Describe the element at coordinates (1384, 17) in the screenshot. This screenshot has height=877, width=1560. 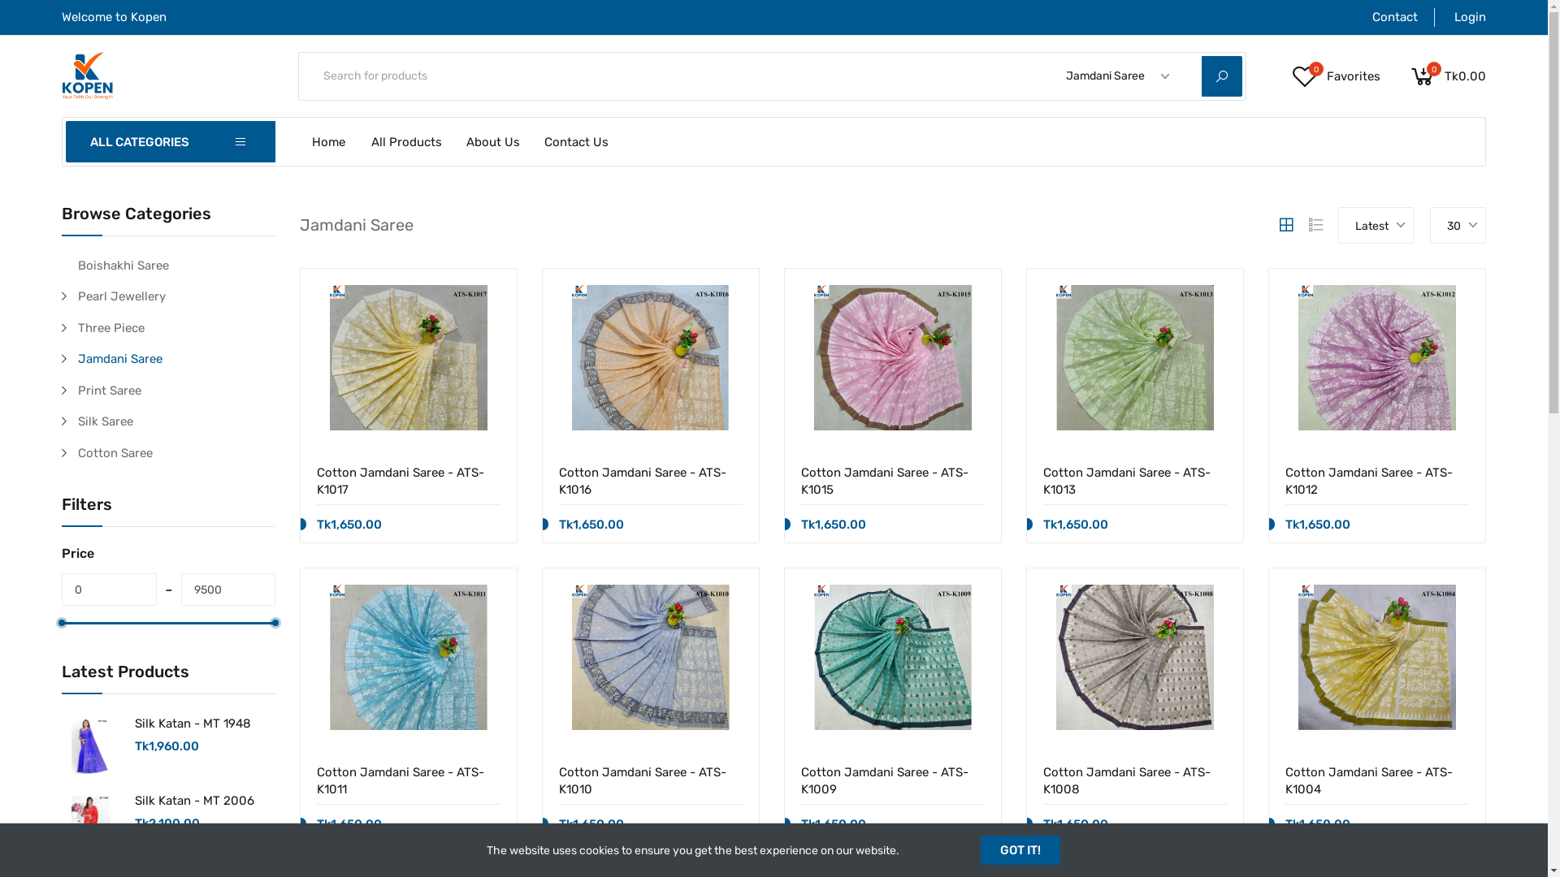
I see `'Contact'` at that location.